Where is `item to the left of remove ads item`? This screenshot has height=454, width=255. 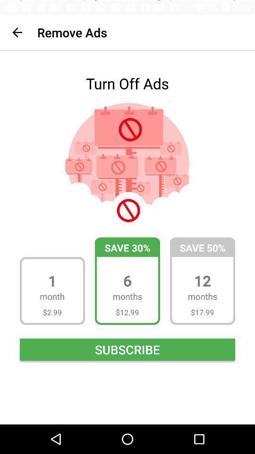
item to the left of remove ads item is located at coordinates (17, 32).